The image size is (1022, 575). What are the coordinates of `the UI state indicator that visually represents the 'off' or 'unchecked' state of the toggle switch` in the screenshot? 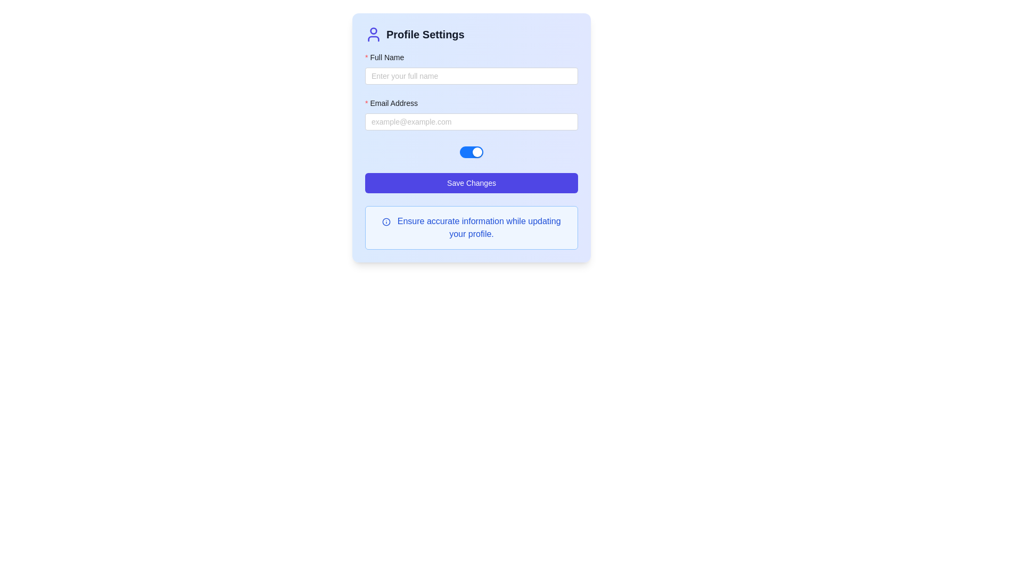 It's located at (487, 152).